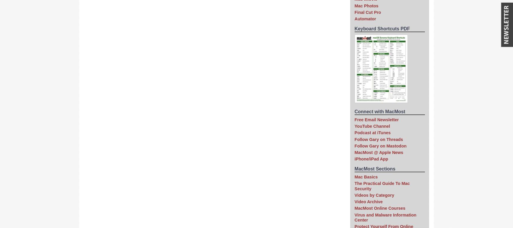 This screenshot has height=228, width=513. What do you see at coordinates (368, 12) in the screenshot?
I see `'Final Cut Pro'` at bounding box center [368, 12].